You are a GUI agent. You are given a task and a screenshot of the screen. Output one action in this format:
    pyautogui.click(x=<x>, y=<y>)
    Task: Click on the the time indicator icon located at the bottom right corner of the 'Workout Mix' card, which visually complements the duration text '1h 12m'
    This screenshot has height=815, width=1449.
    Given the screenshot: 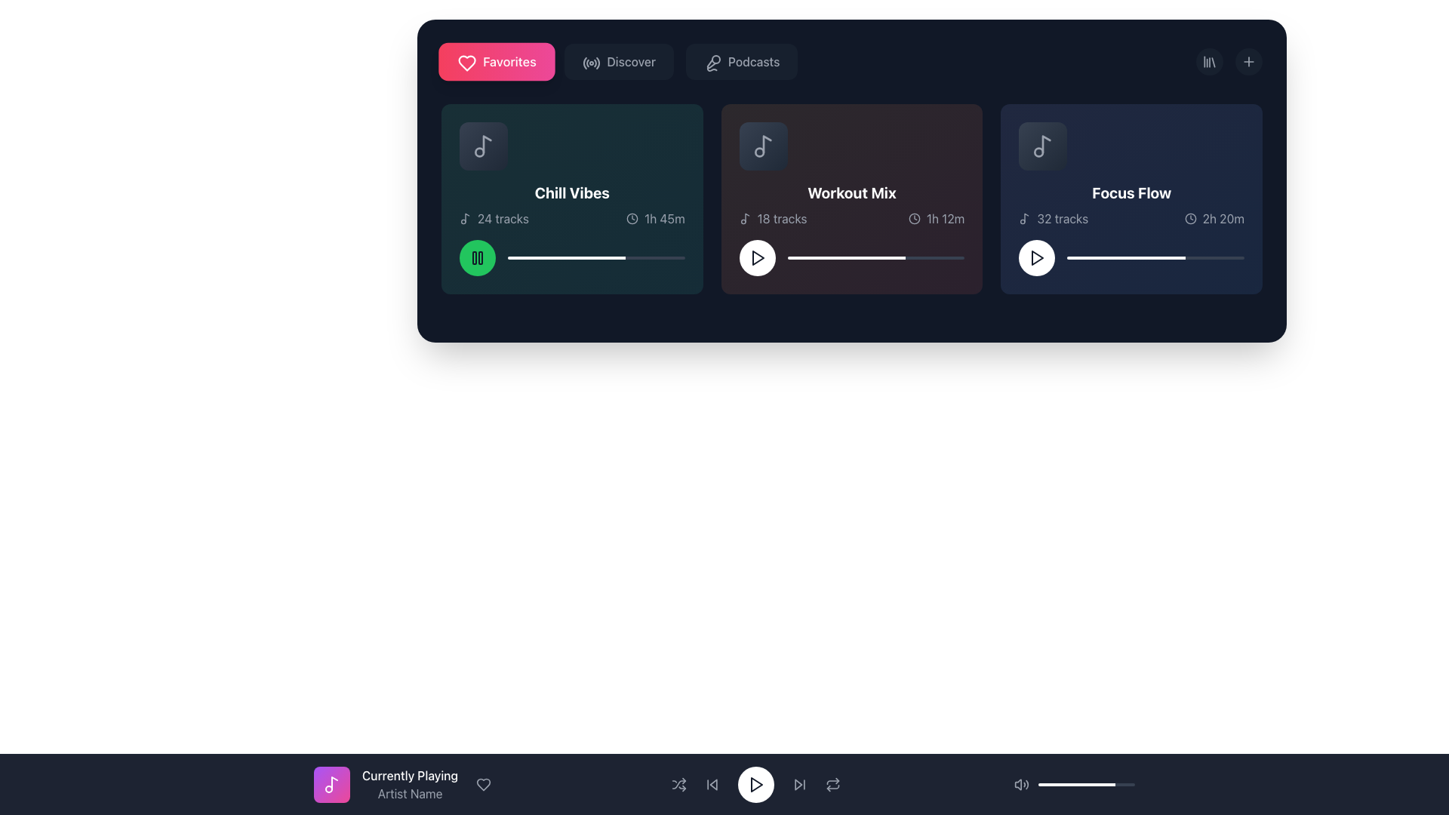 What is the action you would take?
    pyautogui.click(x=913, y=218)
    